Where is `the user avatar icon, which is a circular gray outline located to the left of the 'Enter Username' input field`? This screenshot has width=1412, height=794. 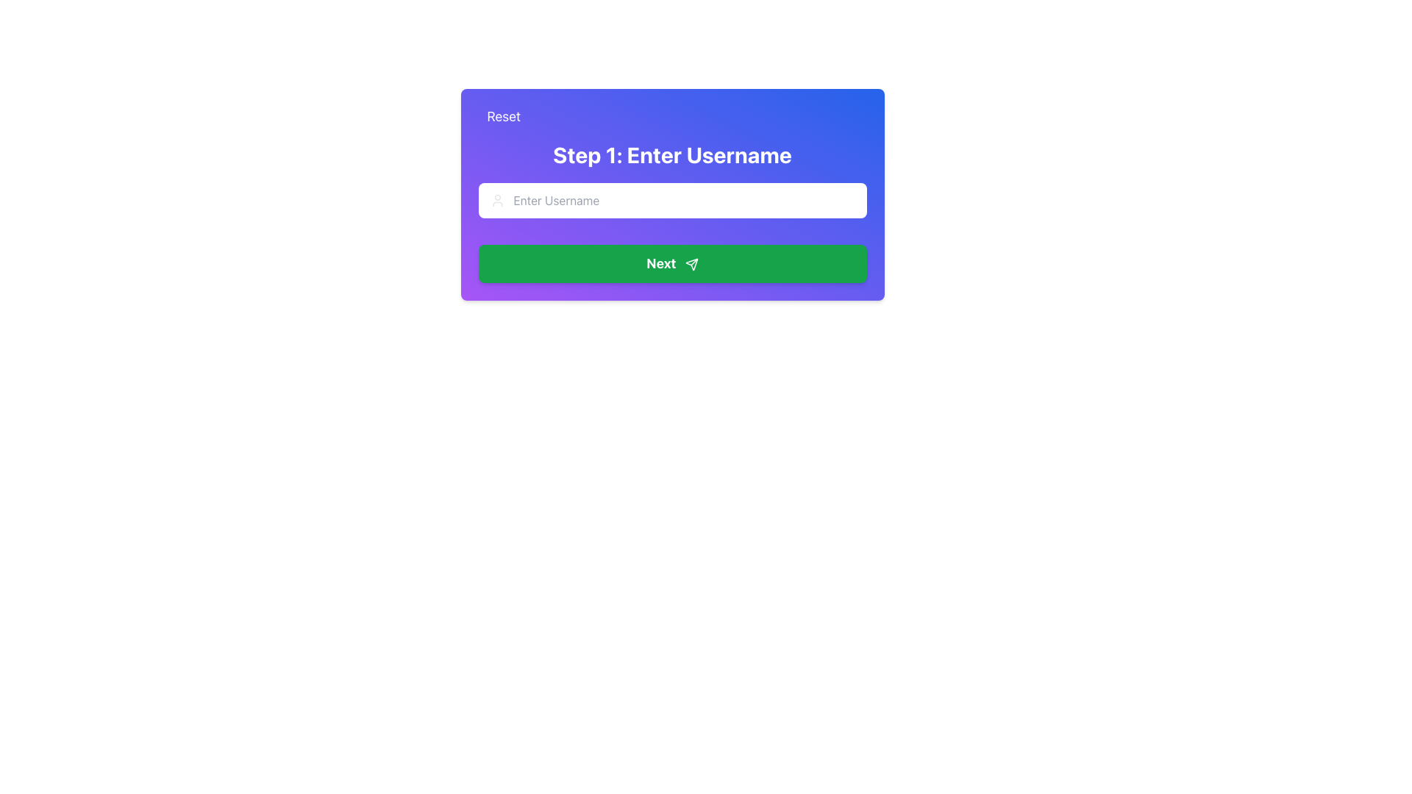
the user avatar icon, which is a circular gray outline located to the left of the 'Enter Username' input field is located at coordinates (497, 201).